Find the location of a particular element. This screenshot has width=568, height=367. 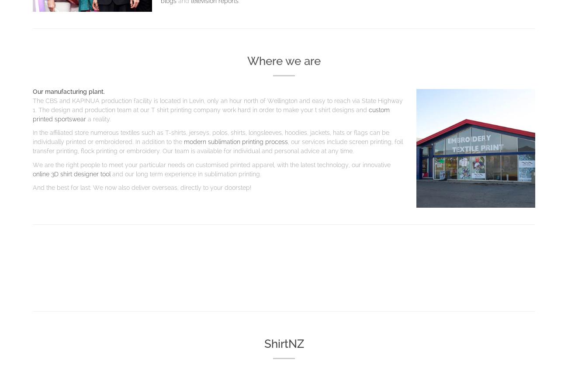

'and our long term experience in sublimation printing.' is located at coordinates (187, 173).